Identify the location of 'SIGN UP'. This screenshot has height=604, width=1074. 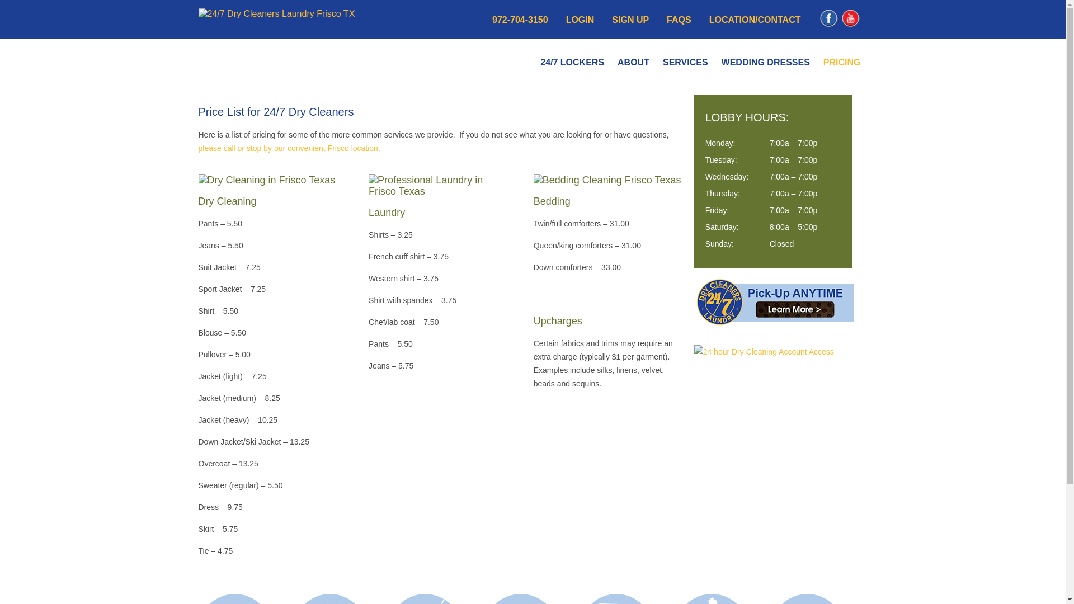
(630, 20).